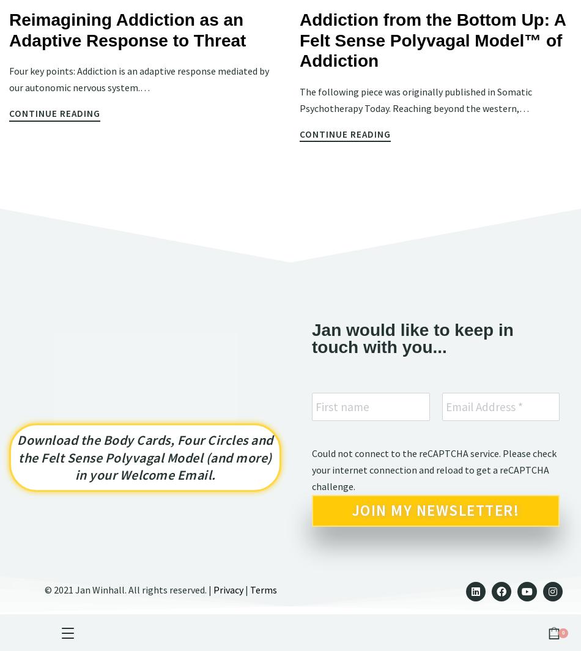 The height and width of the screenshot is (651, 581). I want to click on 'Download the Body Cards, Four Circles and the Felt Sense Polyvagal Model (and more) in your Welcome Email.', so click(145, 457).